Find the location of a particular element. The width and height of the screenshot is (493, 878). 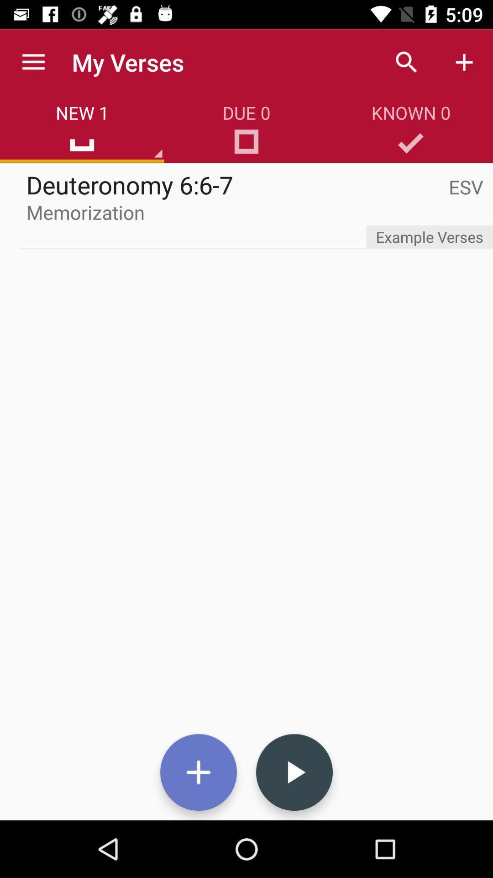

the add icon is located at coordinates (198, 772).